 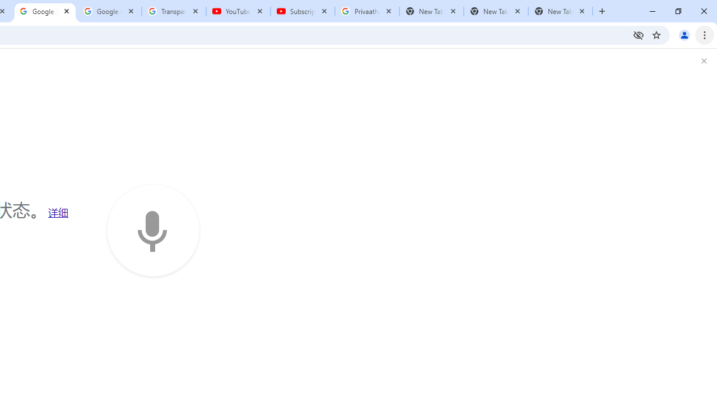 What do you see at coordinates (302, 11) in the screenshot?
I see `'Subscriptions - YouTube'` at bounding box center [302, 11].